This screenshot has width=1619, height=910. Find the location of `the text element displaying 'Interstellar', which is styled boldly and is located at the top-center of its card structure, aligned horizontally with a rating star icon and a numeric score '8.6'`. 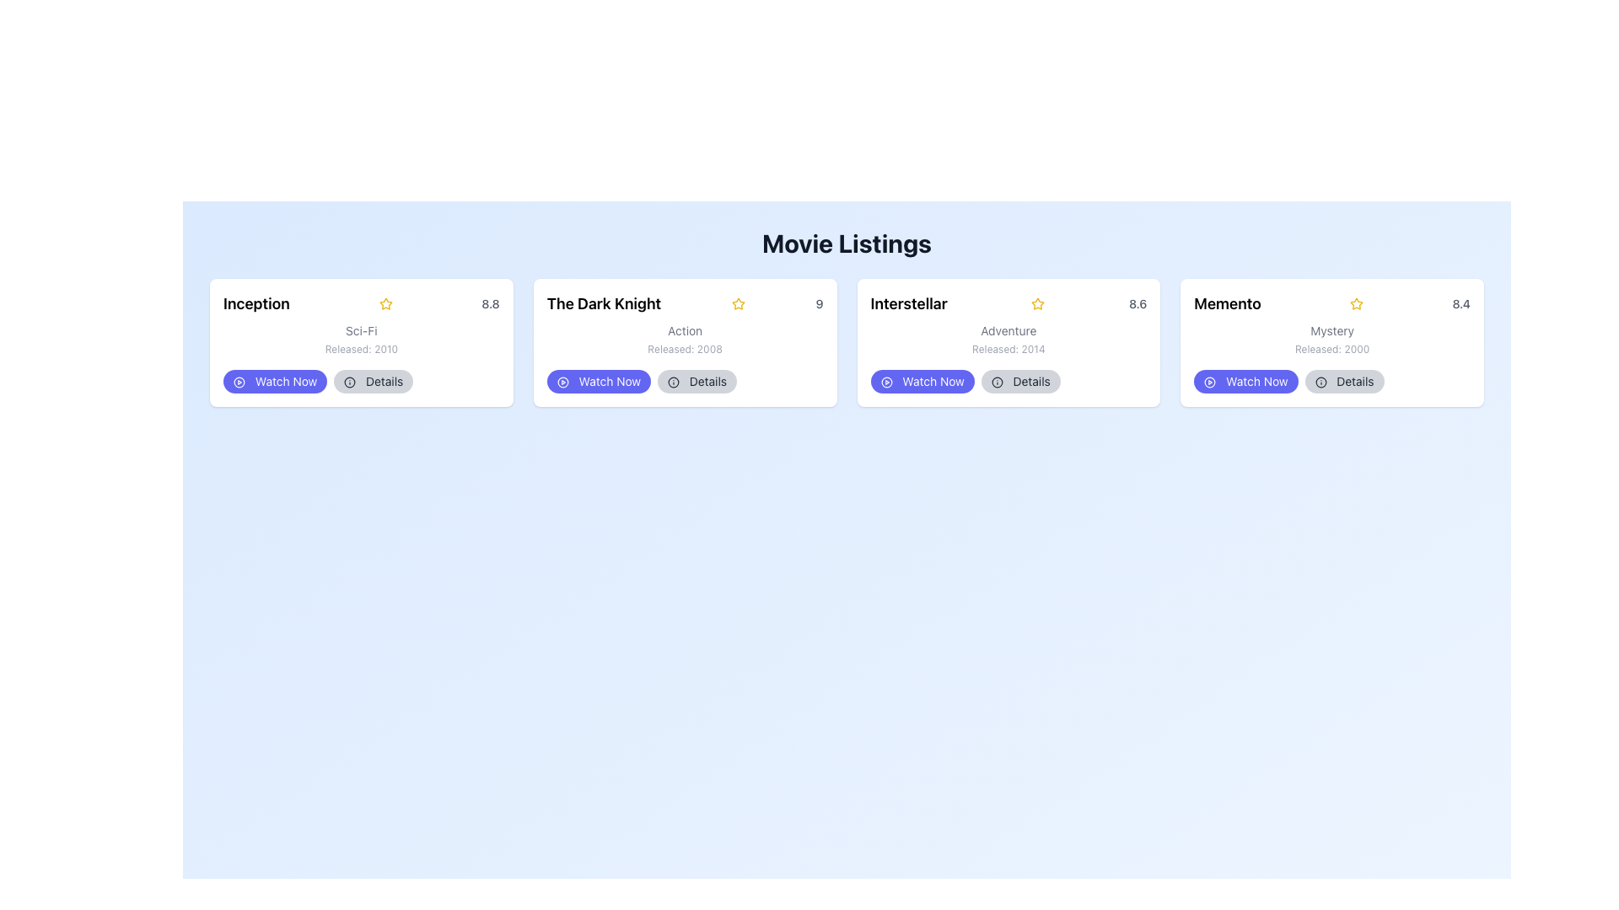

the text element displaying 'Interstellar', which is styled boldly and is located at the top-center of its card structure, aligned horizontally with a rating star icon and a numeric score '8.6' is located at coordinates (908, 304).